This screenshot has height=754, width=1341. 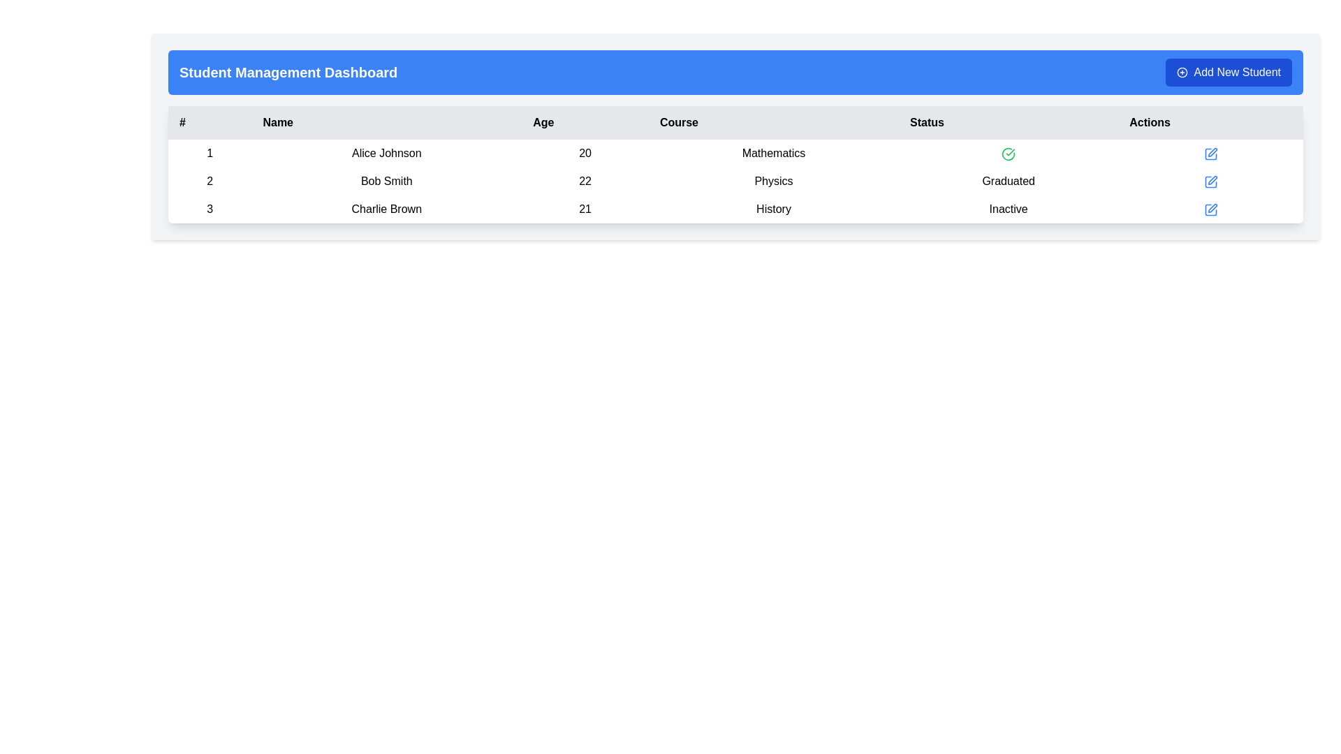 I want to click on the interactive icon located at the far-right of the 'Actions' column in the last row of the table, so click(x=1212, y=208).